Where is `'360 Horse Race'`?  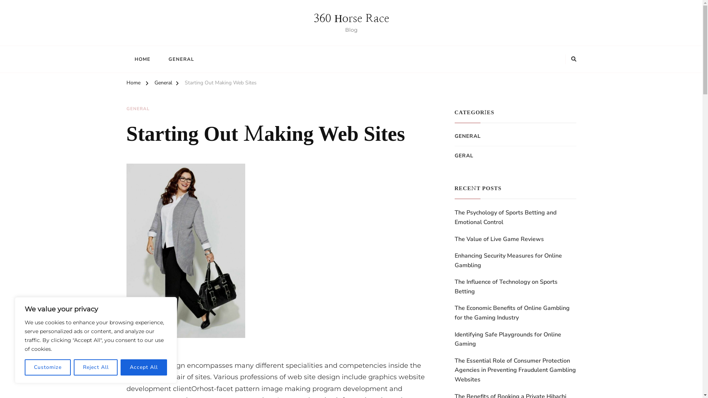
'360 Horse Race' is located at coordinates (313, 18).